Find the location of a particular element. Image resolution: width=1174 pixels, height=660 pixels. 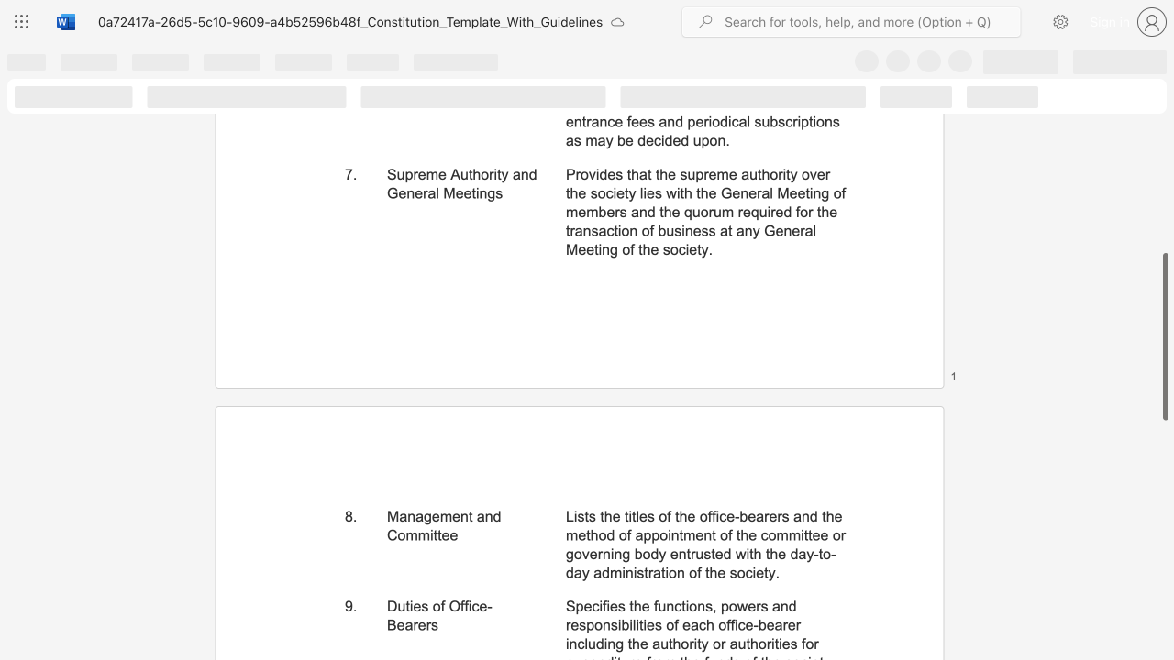

the subset text "e day-to-" within the text "Lists the titles of the office-bearers and the method of appointment of the committee or governing body entrusted with the day-to-day administration of the society." is located at coordinates (778, 553).